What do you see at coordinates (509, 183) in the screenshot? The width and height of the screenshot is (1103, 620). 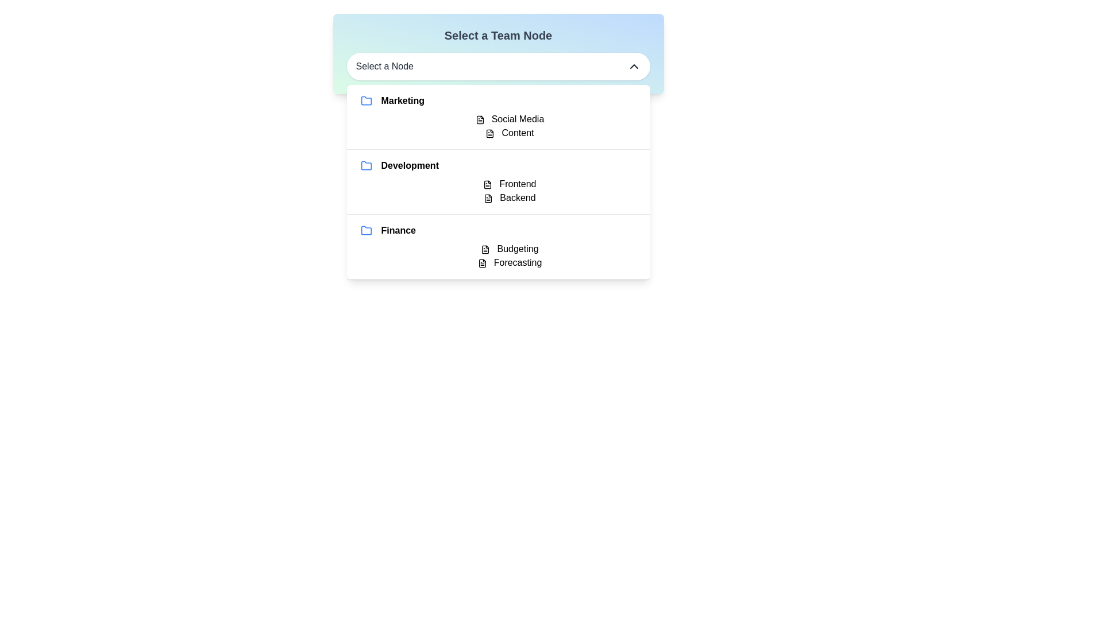 I see `the selectable text label with an icon in the 'Development' section` at bounding box center [509, 183].